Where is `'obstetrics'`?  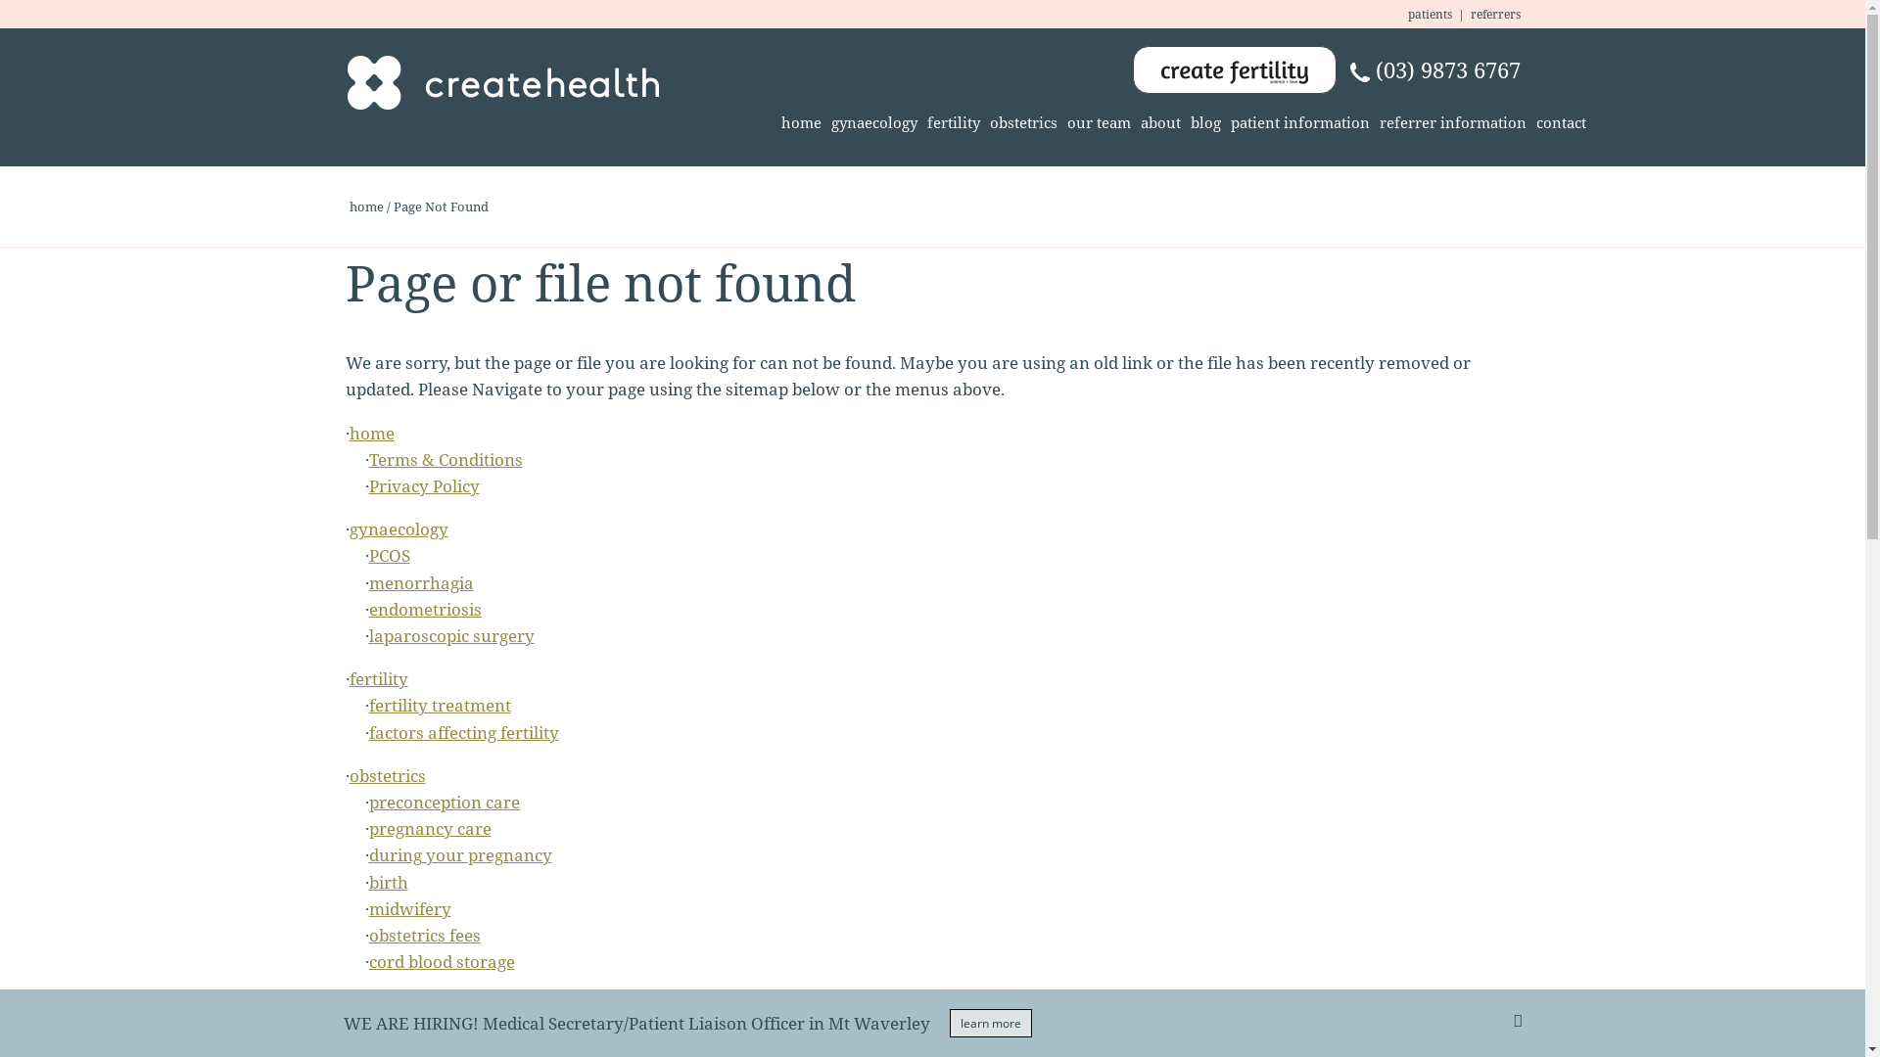
'obstetrics' is located at coordinates (1022, 123).